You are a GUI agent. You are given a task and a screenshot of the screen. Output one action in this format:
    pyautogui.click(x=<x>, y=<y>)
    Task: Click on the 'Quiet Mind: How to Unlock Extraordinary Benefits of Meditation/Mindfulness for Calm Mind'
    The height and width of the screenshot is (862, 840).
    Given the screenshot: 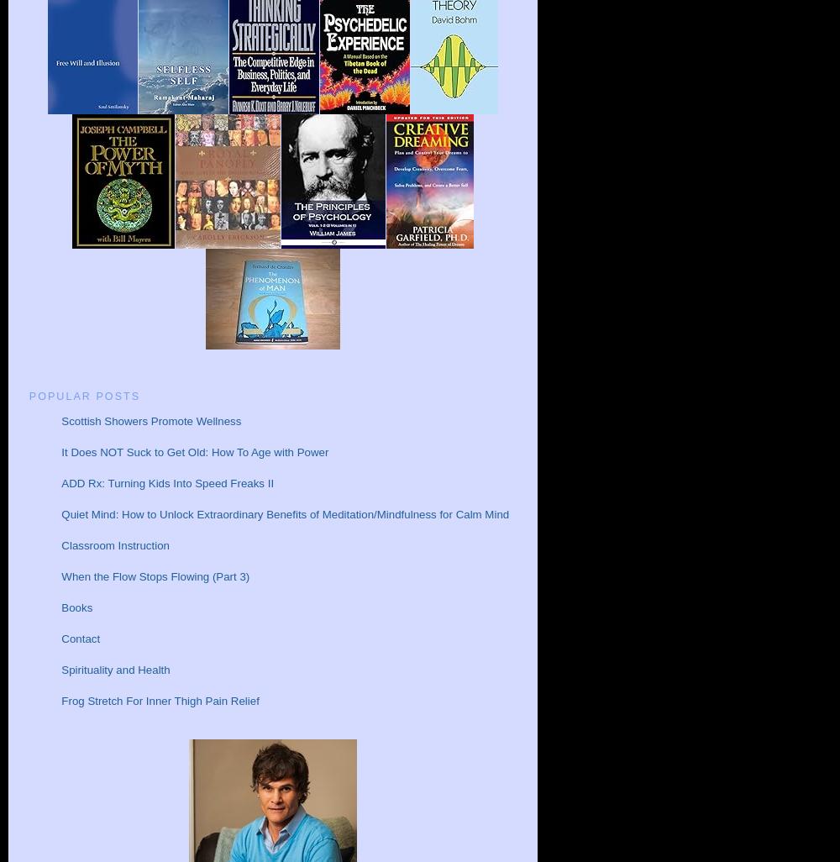 What is the action you would take?
    pyautogui.click(x=60, y=512)
    